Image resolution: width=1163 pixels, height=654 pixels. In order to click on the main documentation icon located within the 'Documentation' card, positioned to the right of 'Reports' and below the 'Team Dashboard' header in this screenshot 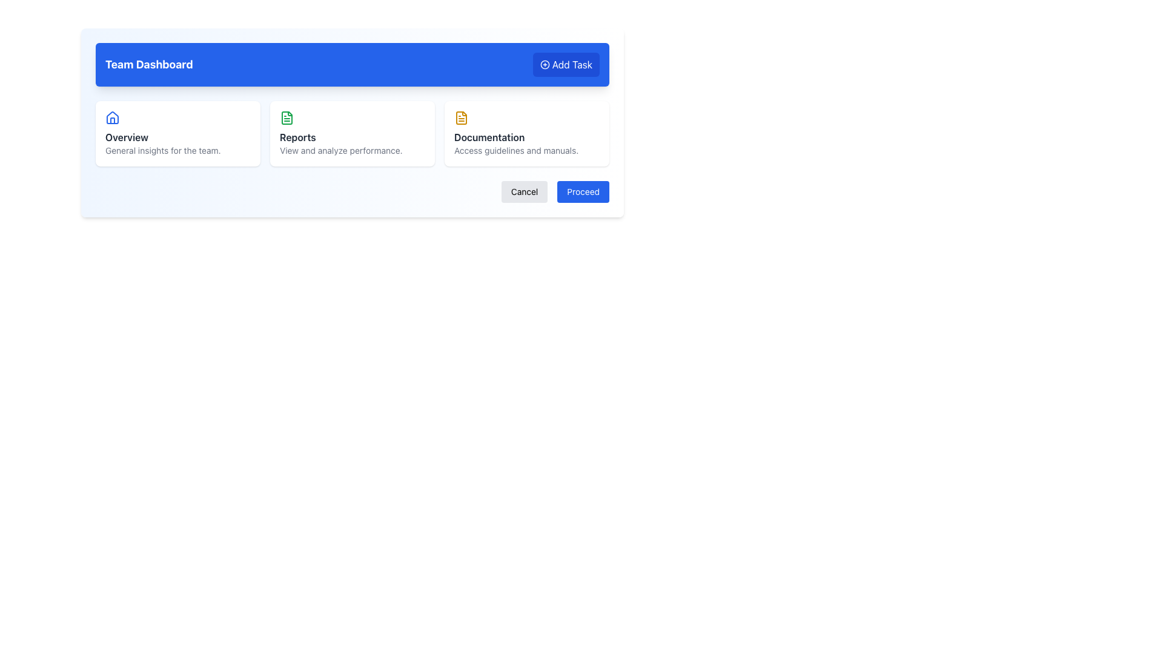, I will do `click(461, 118)`.